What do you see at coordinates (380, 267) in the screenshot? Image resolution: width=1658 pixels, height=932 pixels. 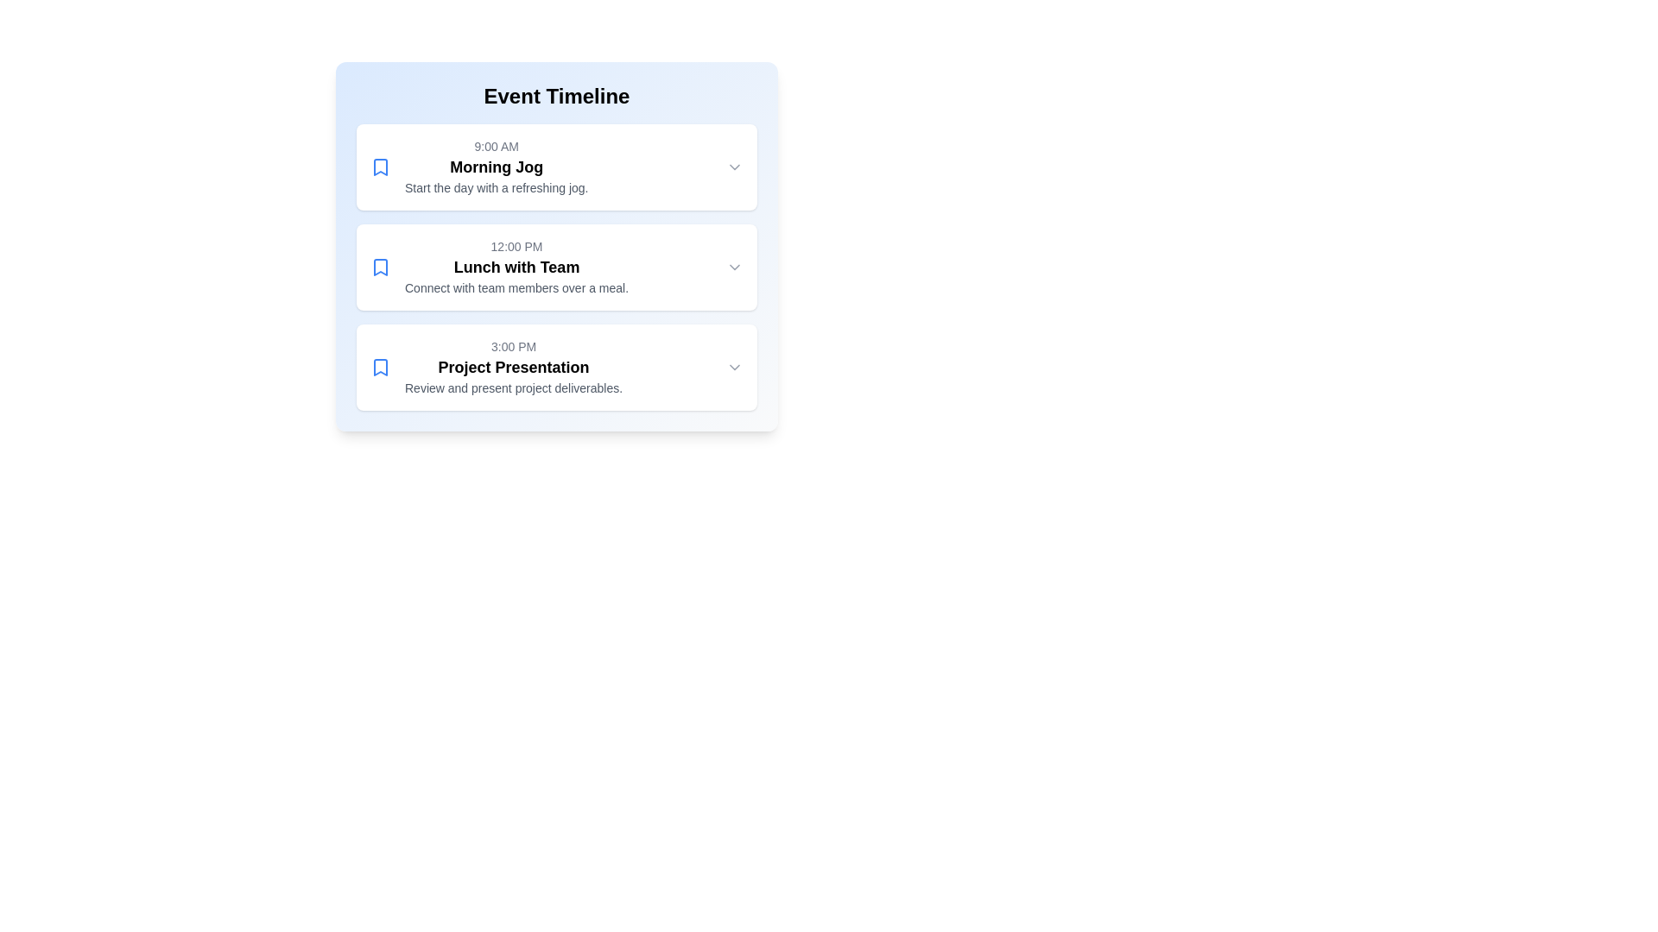 I see `the bookmark icon located to the left of the time and text description in the 'Lunch with Team' entry of the Event Timeline component` at bounding box center [380, 267].